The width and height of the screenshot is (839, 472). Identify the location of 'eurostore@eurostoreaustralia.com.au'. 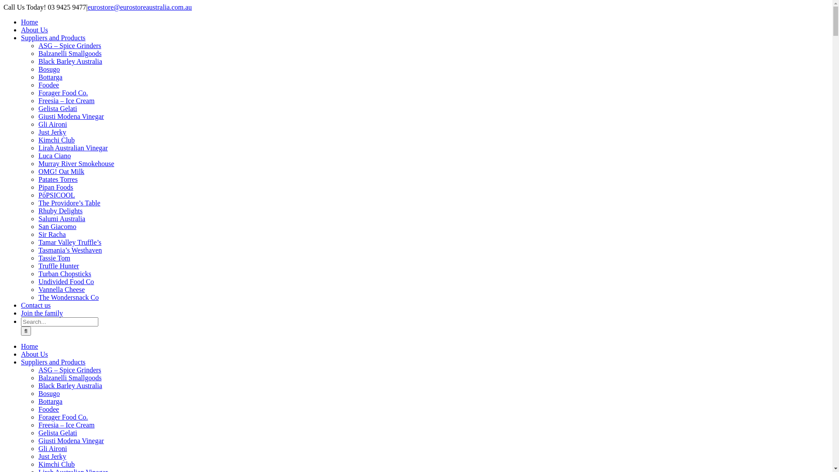
(139, 7).